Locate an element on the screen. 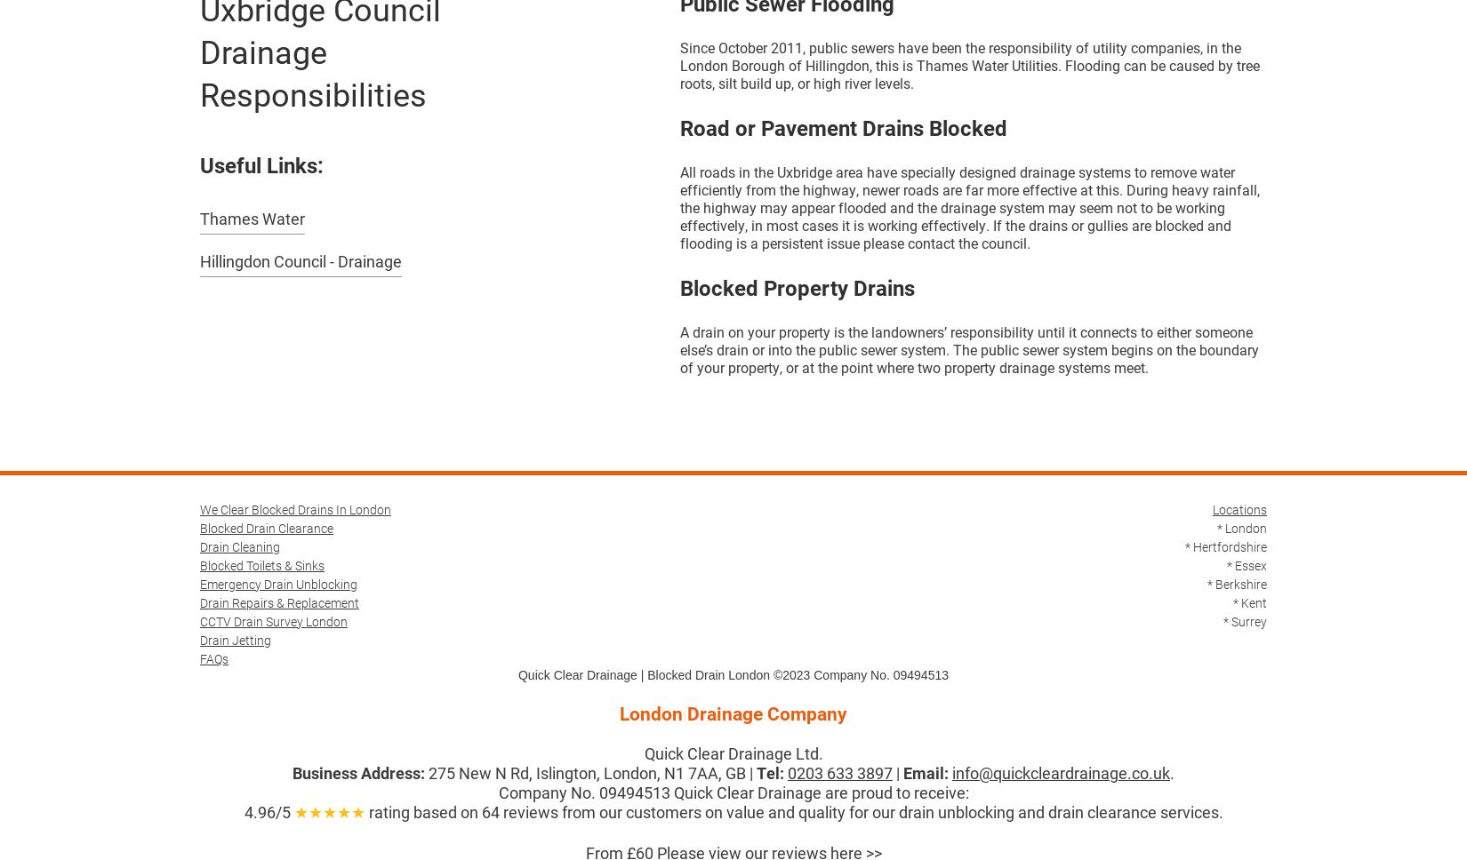  'Useful Links:' is located at coordinates (261, 163).